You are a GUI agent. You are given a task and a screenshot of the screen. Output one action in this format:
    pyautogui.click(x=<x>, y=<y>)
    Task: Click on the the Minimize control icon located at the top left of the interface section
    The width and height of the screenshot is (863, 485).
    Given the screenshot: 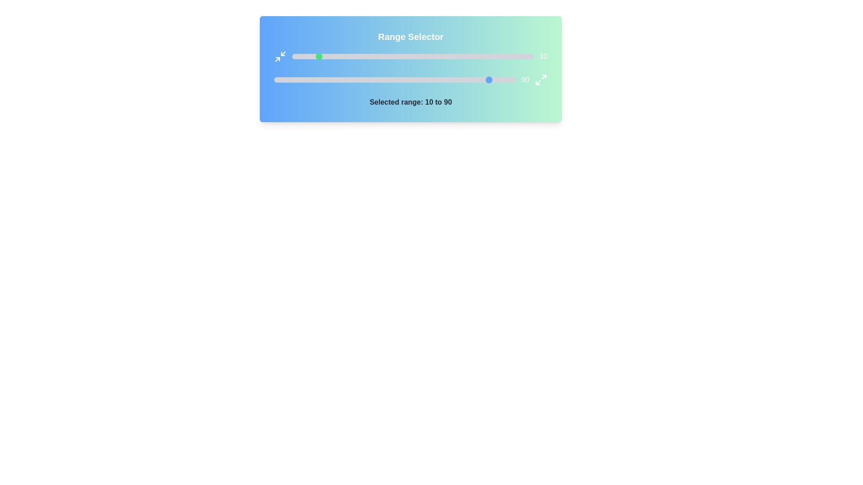 What is the action you would take?
    pyautogui.click(x=280, y=57)
    